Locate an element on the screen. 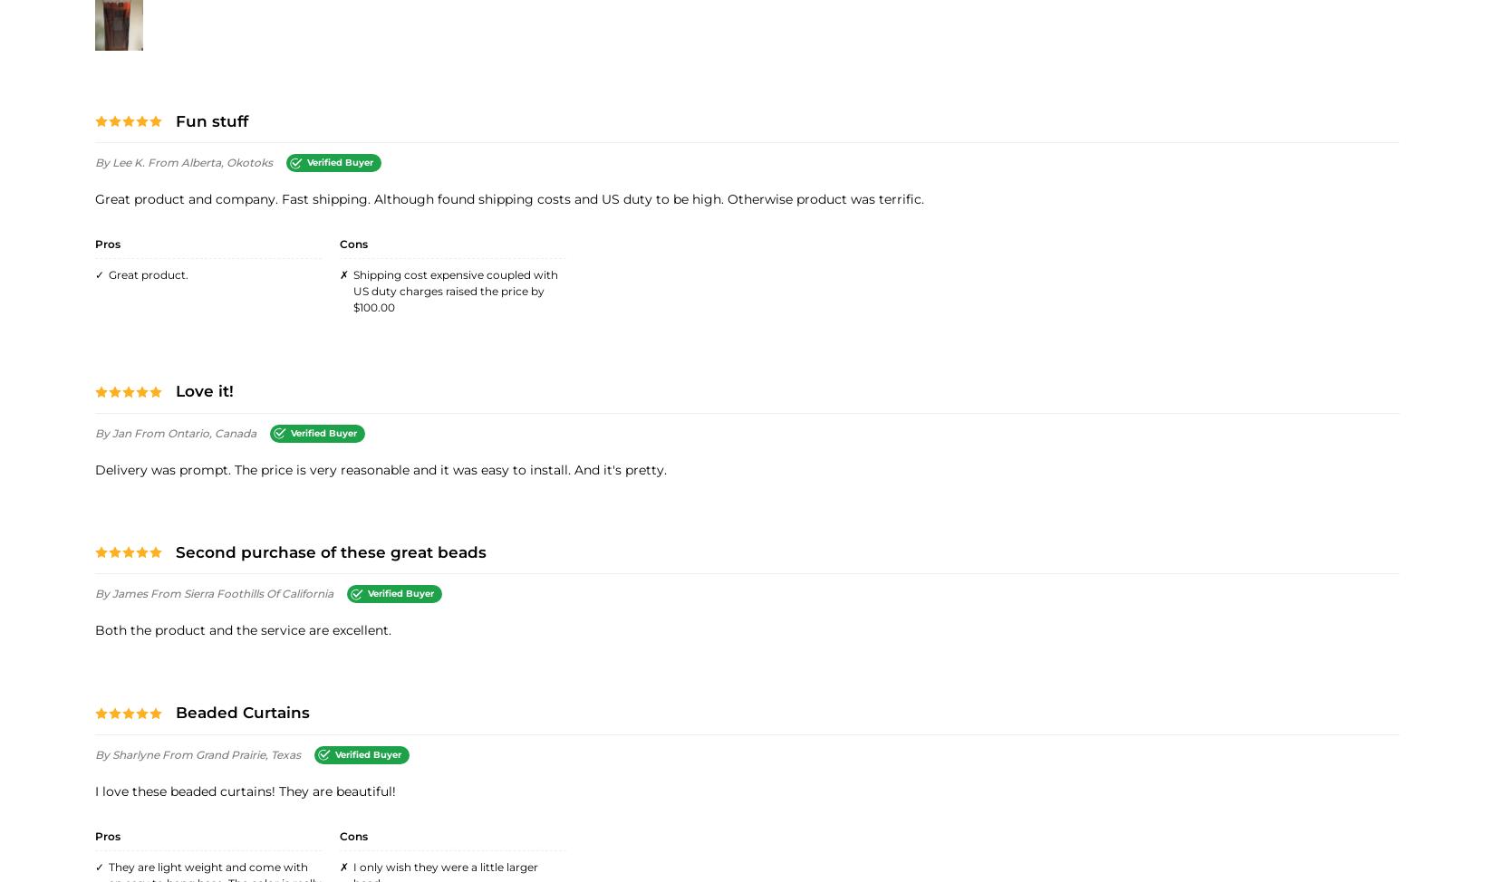 This screenshot has height=882, width=1495. 'from Ontario,  Canada' is located at coordinates (195, 431).